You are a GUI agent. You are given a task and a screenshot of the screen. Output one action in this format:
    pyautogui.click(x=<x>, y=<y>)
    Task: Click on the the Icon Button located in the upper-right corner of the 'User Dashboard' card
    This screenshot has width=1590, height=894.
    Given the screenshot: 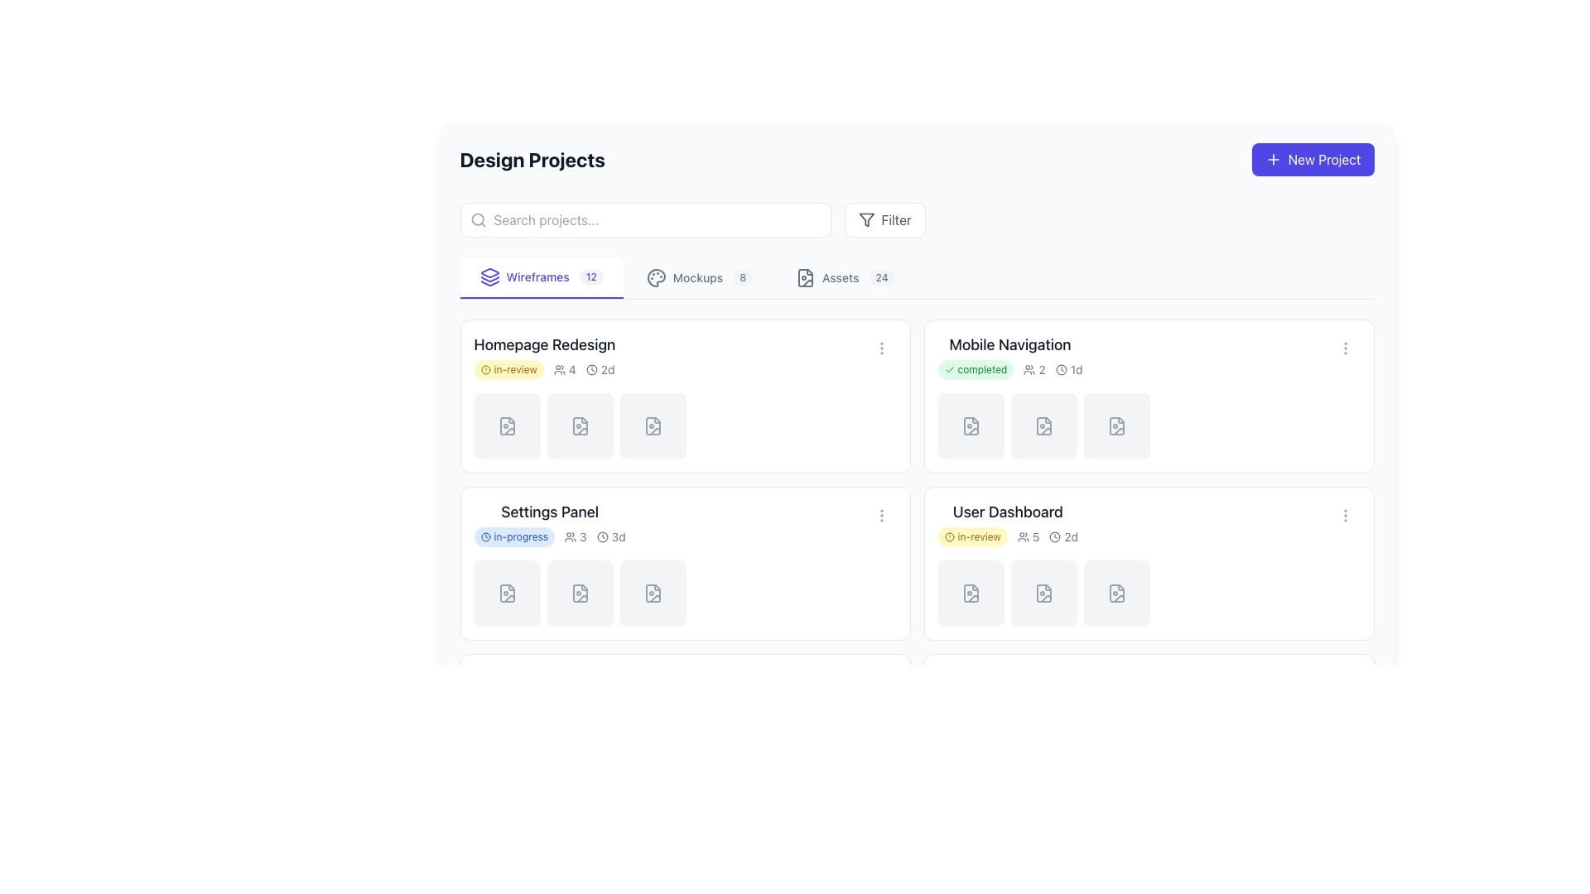 What is the action you would take?
    pyautogui.click(x=1345, y=515)
    